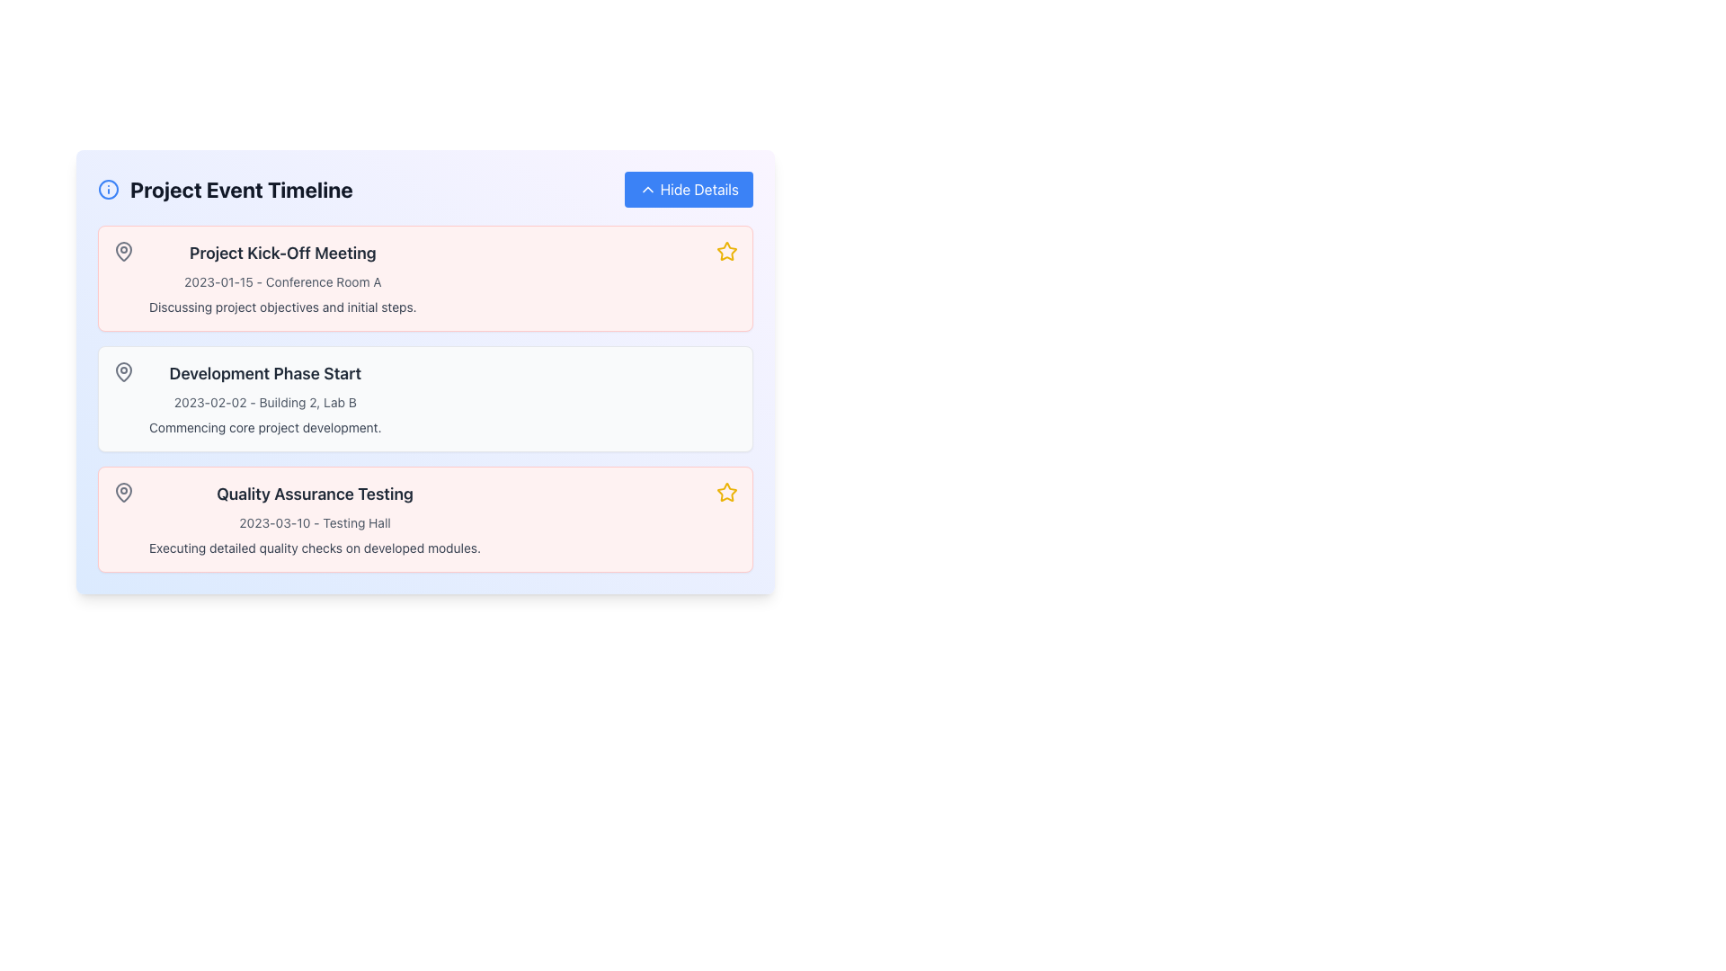 The image size is (1726, 971). What do you see at coordinates (281, 253) in the screenshot?
I see `title text of the first project event in the timeline, which provides an overview of the meeting it represents, located at the top of the section containing additional meeting details` at bounding box center [281, 253].